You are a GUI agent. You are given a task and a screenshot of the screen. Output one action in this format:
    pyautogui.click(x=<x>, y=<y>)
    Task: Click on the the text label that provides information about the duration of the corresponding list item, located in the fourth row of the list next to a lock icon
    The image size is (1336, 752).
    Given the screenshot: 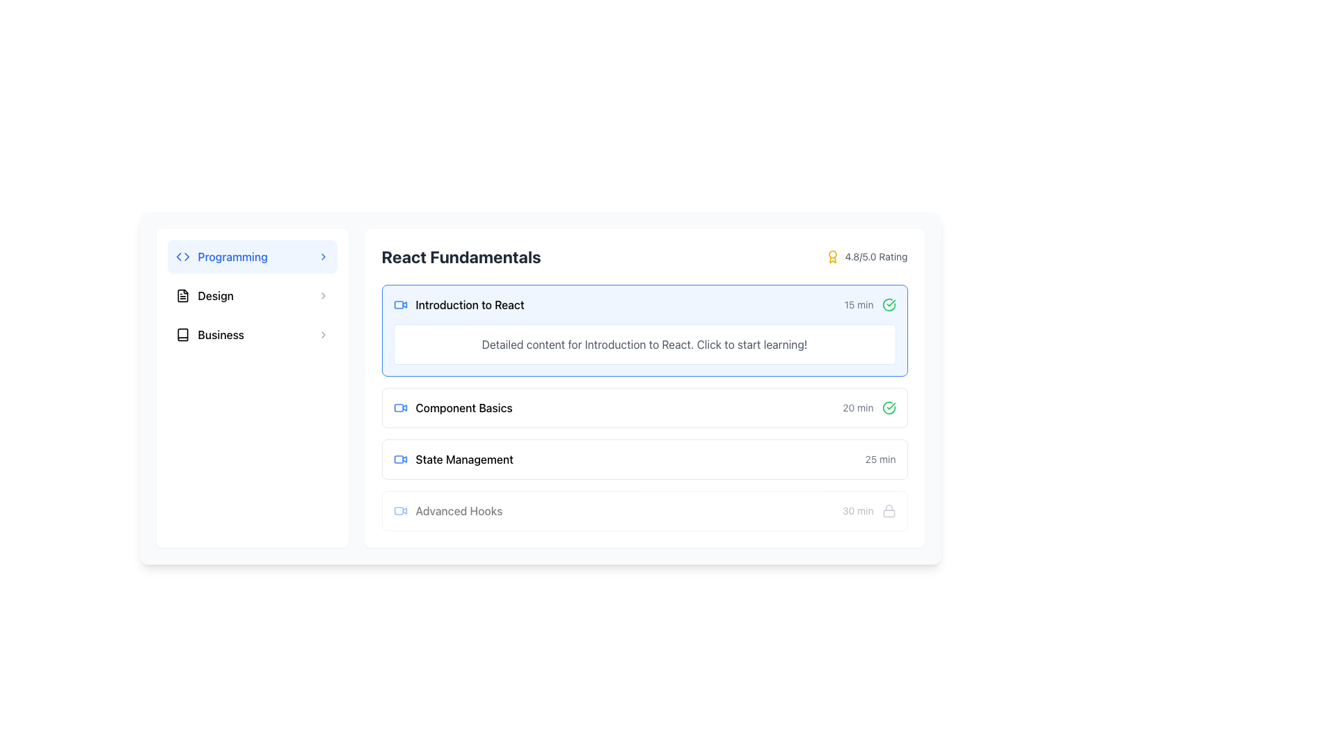 What is the action you would take?
    pyautogui.click(x=857, y=510)
    